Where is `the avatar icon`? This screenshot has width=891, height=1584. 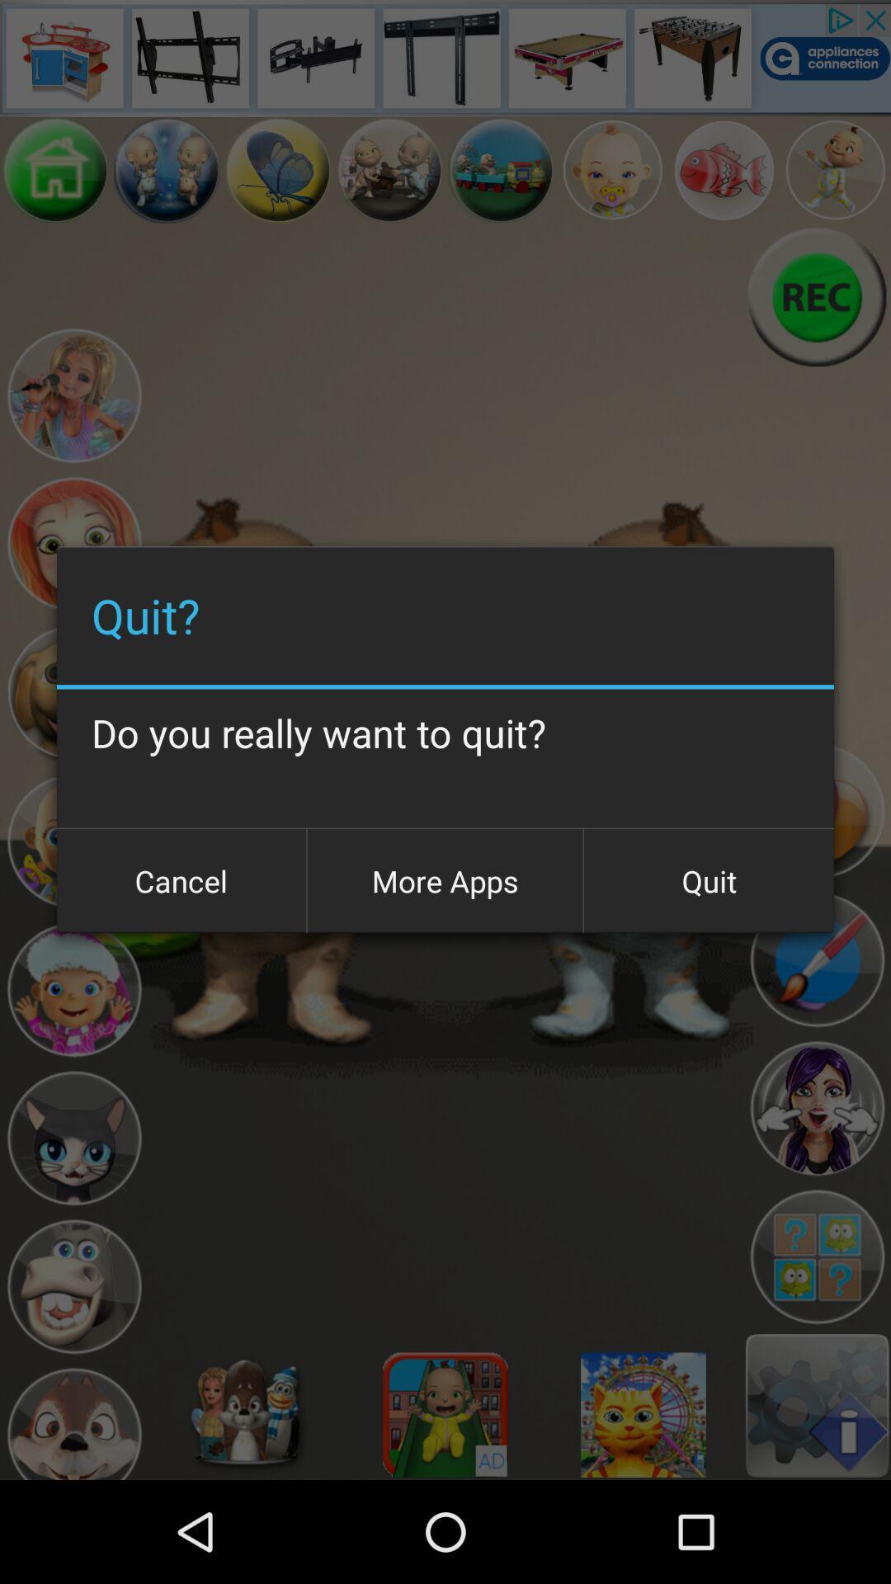 the avatar icon is located at coordinates (73, 1520).